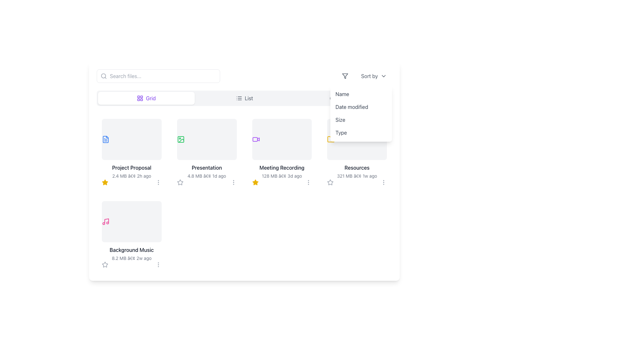 The image size is (617, 347). What do you see at coordinates (131, 171) in the screenshot?
I see `the text display element that shows the file name 'Project Proposal', its size '2.4 MB', and the last modified time '2 hours ago'` at bounding box center [131, 171].